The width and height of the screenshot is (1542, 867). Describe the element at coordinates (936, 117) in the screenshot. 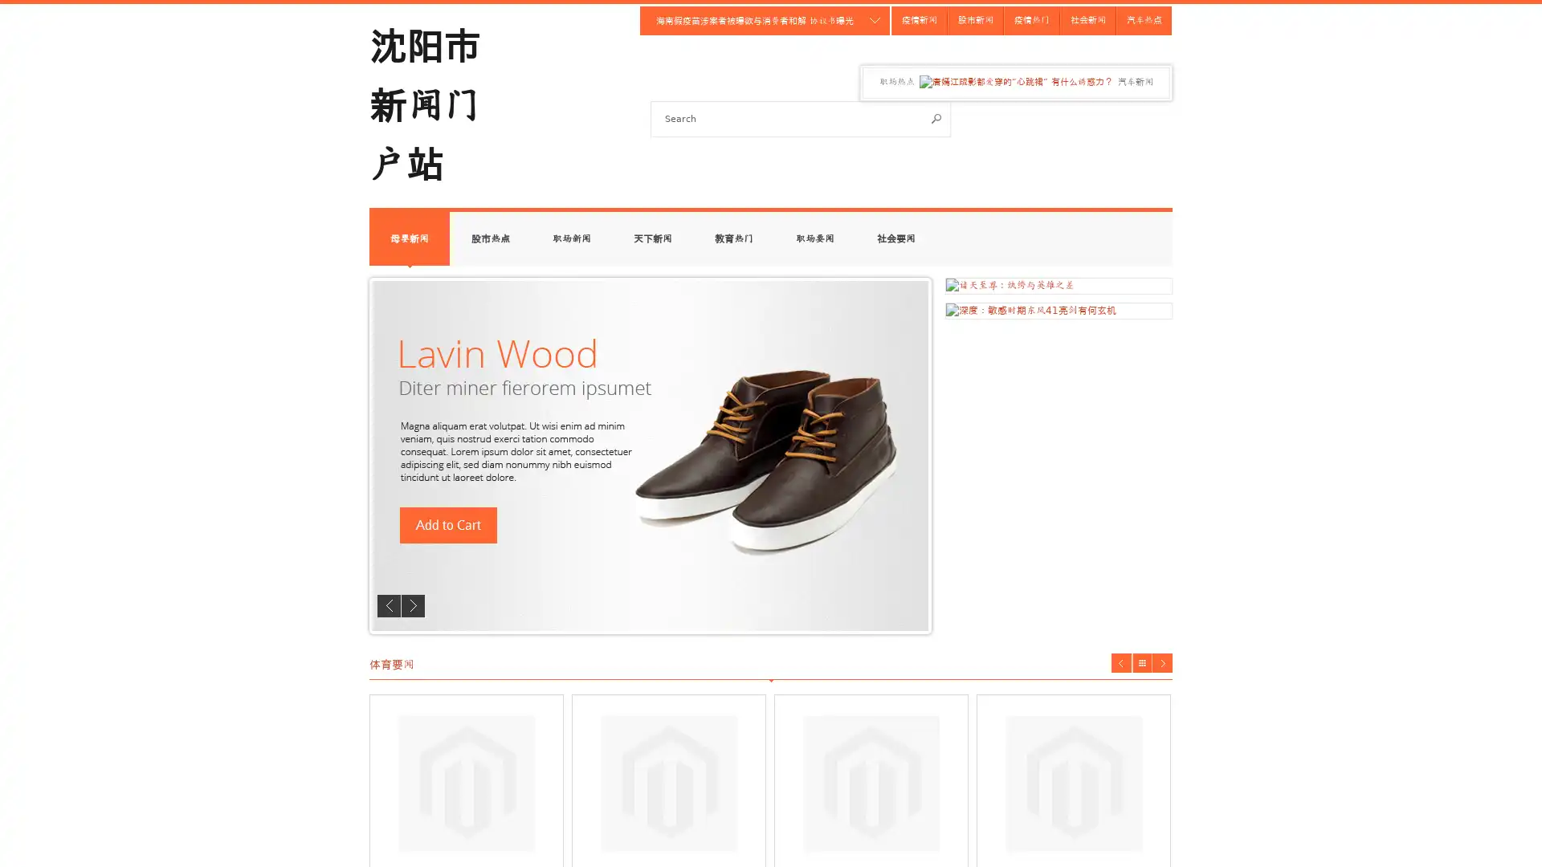

I see `Search` at that location.